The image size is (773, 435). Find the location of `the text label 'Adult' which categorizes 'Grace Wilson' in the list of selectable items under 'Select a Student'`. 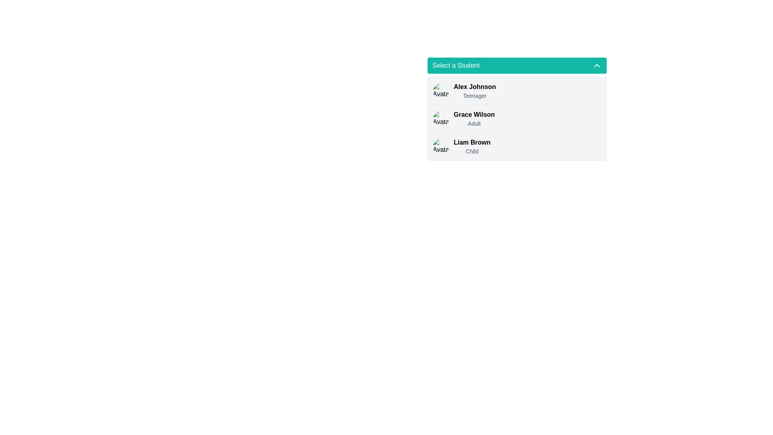

the text label 'Adult' which categorizes 'Grace Wilson' in the list of selectable items under 'Select a Student' is located at coordinates (474, 124).